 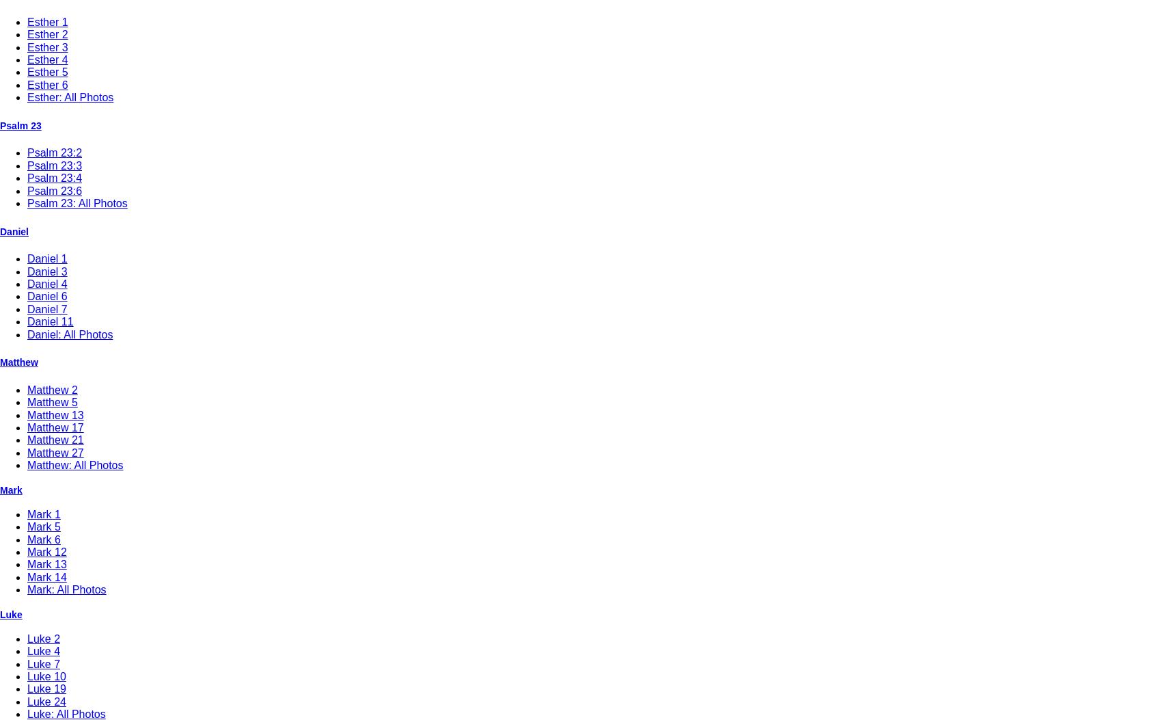 What do you see at coordinates (54, 152) in the screenshot?
I see `'Psalm 23:2'` at bounding box center [54, 152].